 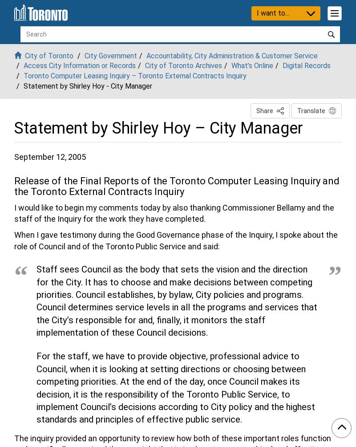 I want to click on 'I would like to begin my comments today by also thanking Commissioner Bellamy and the staff of the Inquiry for the work they have completed.', so click(x=174, y=212).